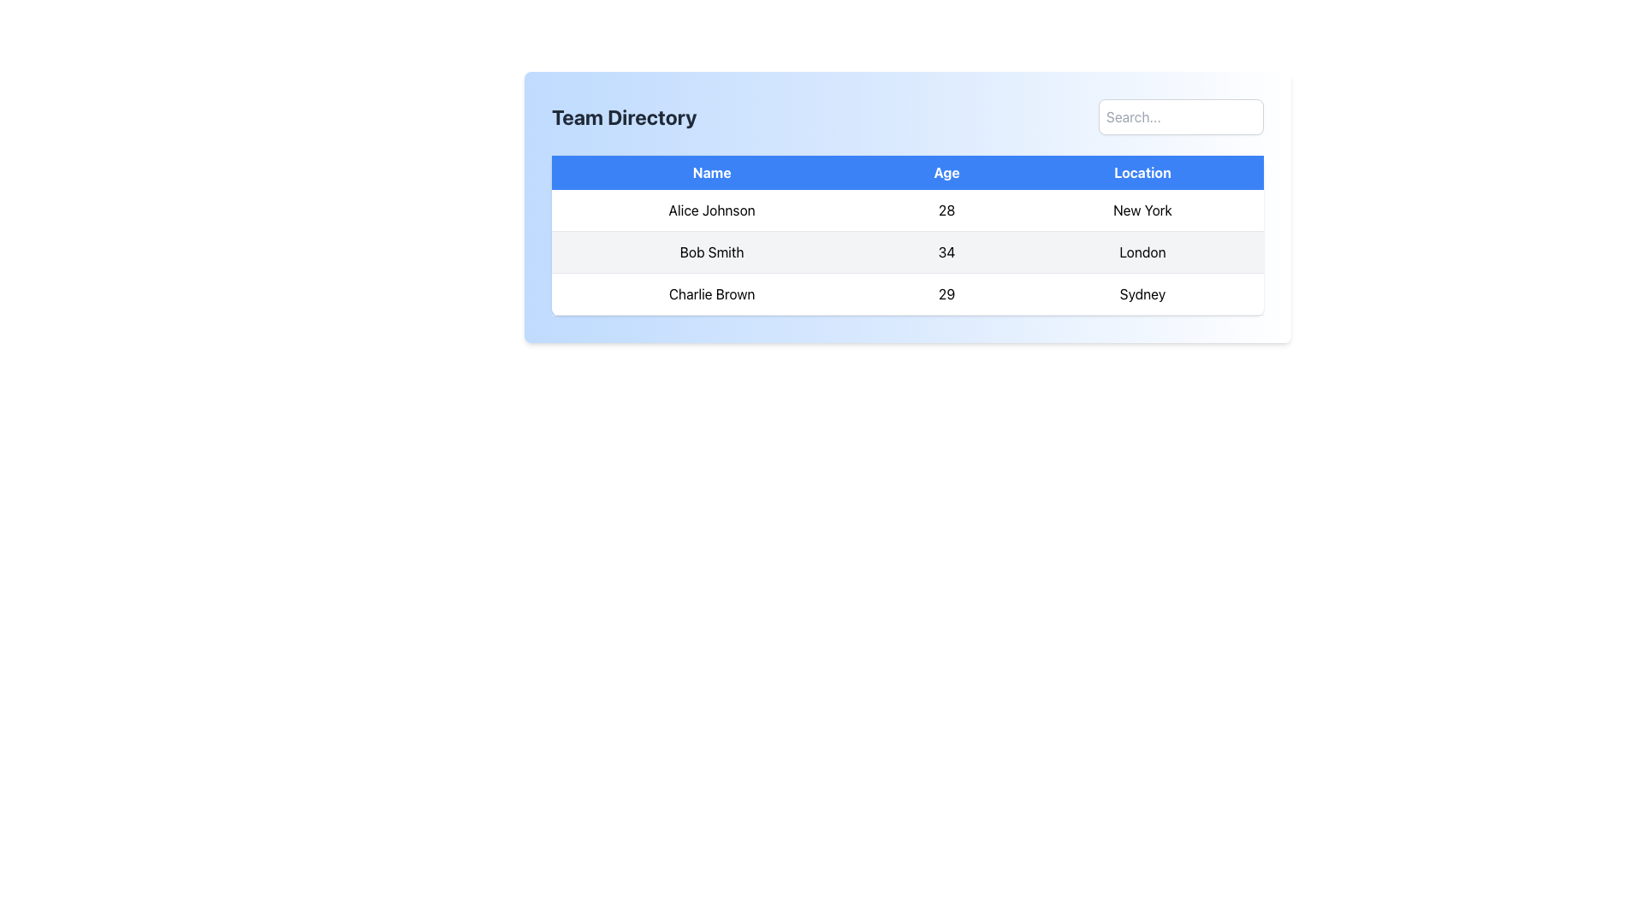 The image size is (1643, 924). What do you see at coordinates (711, 293) in the screenshot?
I see `to select the Text label displaying 'Charlie Brown' in the first cell of the third row of the table under the 'Name' header` at bounding box center [711, 293].